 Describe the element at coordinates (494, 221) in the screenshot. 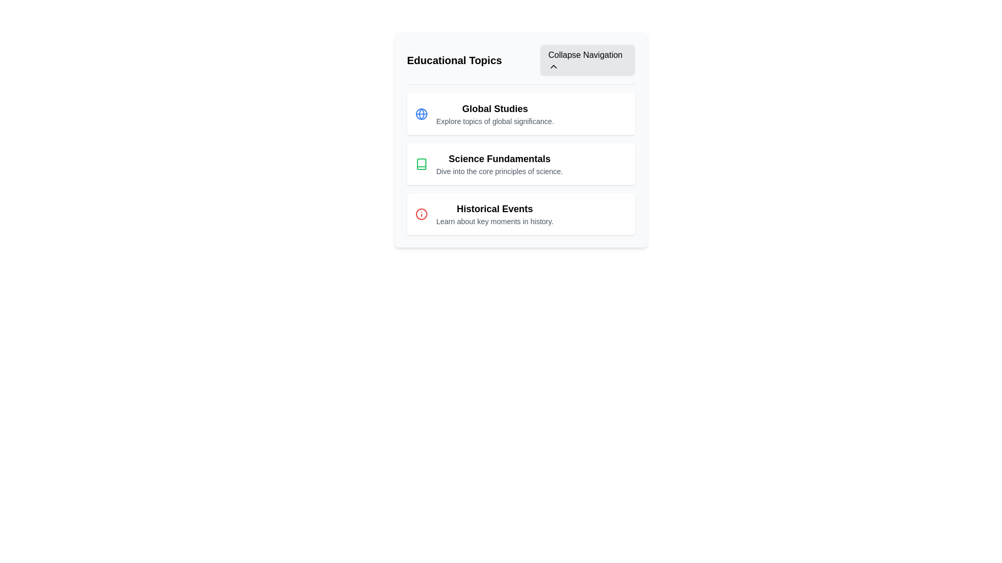

I see `the gray text label that reads 'Learn about key moments in history.' located directly below the 'Historical Events' title` at that location.